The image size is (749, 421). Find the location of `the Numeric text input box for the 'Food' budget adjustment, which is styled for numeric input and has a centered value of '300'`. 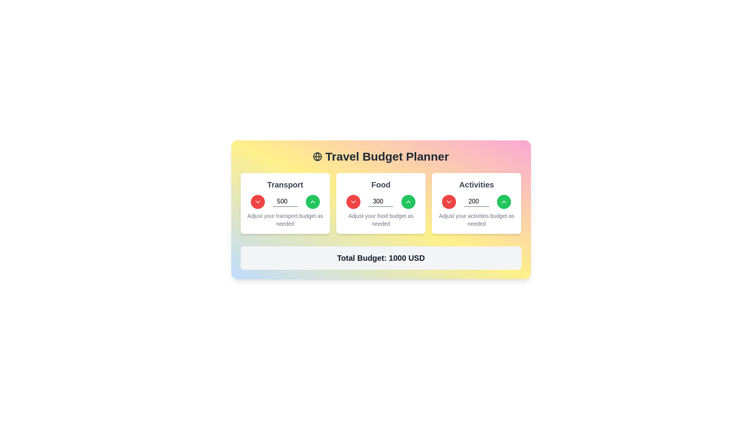

the Numeric text input box for the 'Food' budget adjustment, which is styled for numeric input and has a centered value of '300' is located at coordinates (381, 201).